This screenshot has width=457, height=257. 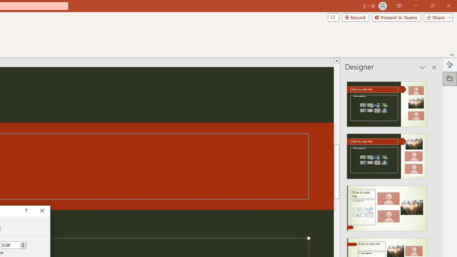 I want to click on 'Custom Spacing', so click(x=11, y=245).